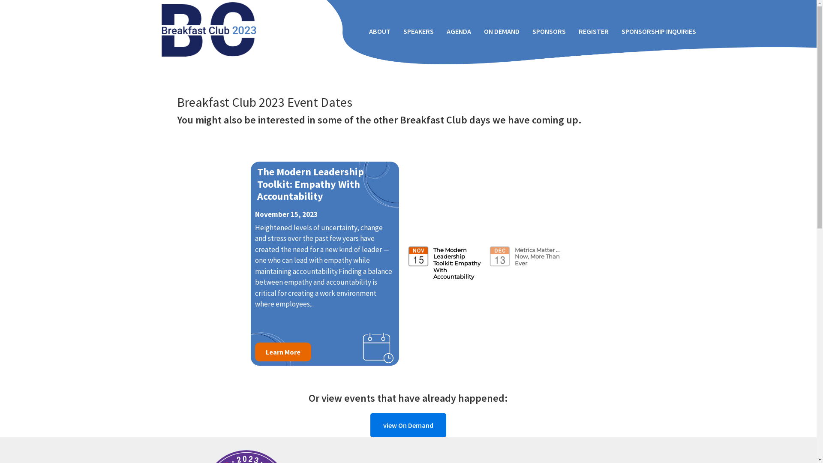 This screenshot has height=463, width=823. What do you see at coordinates (418, 31) in the screenshot?
I see `'SPEAKERS'` at bounding box center [418, 31].